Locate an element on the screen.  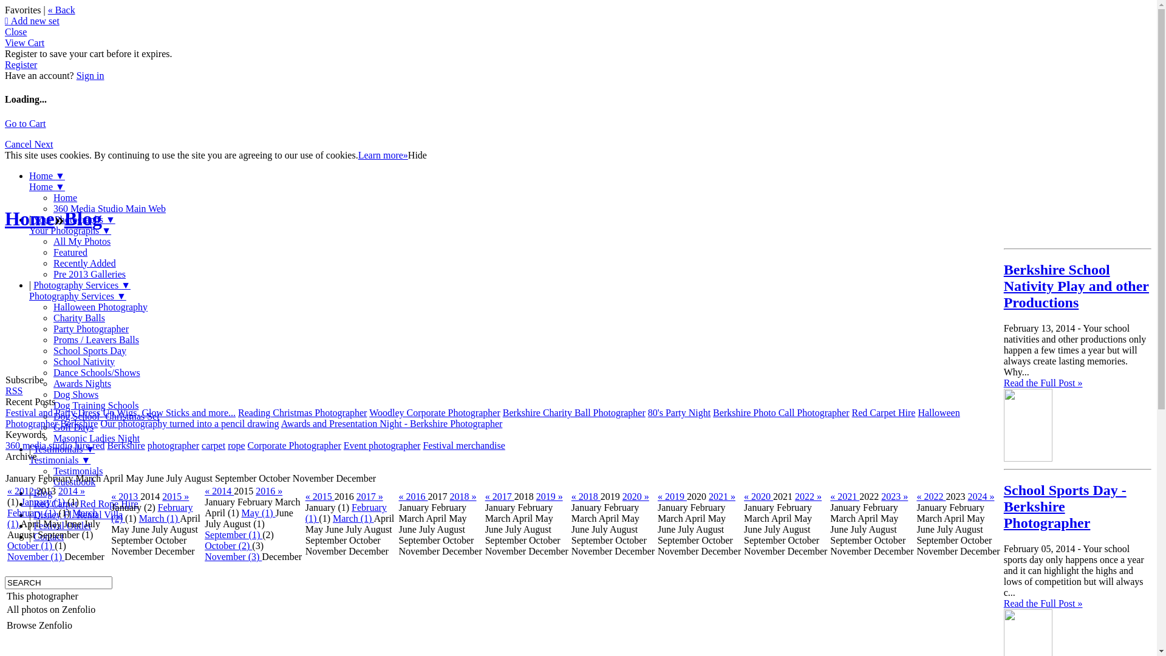
'September (1)' is located at coordinates (233, 534).